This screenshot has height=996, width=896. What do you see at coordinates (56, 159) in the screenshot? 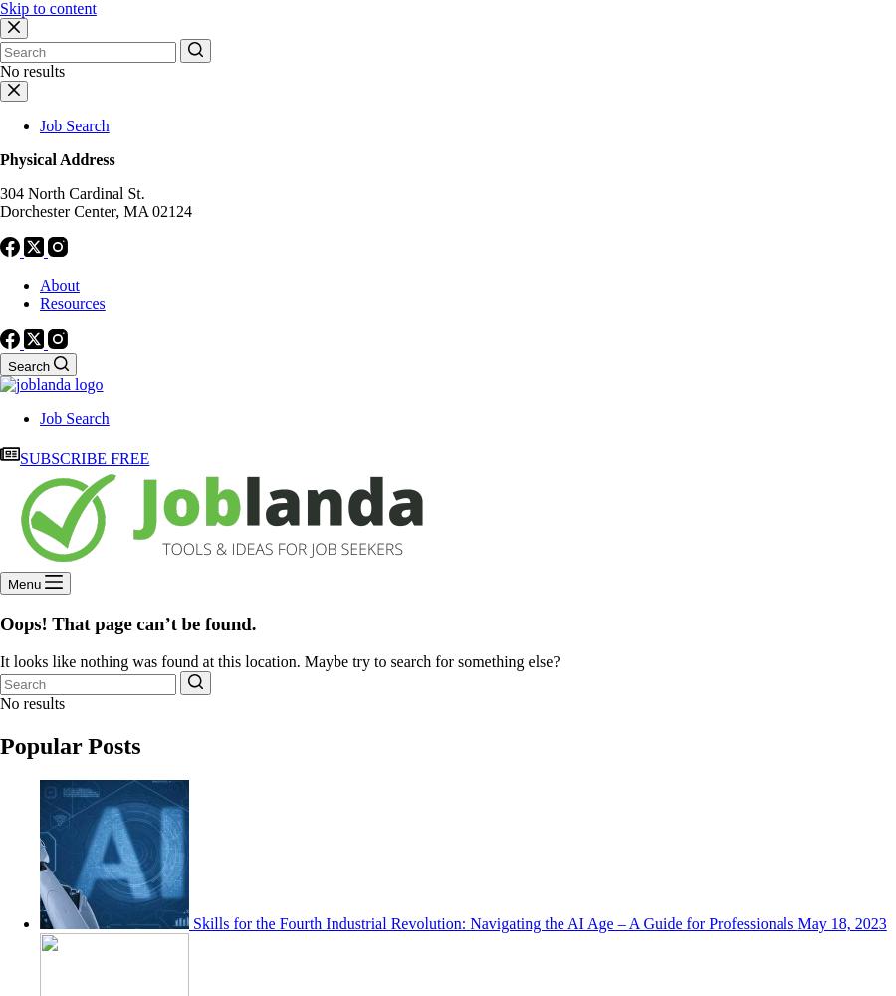
I see `'Physical Address'` at bounding box center [56, 159].